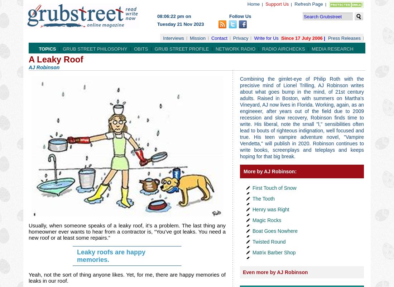 Image resolution: width=394 pixels, height=287 pixels. I want to click on 'Topics', so click(47, 49).